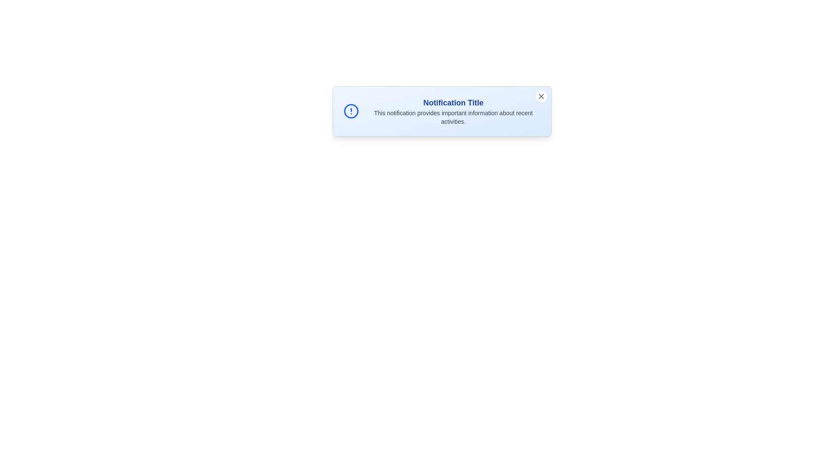 Image resolution: width=821 pixels, height=461 pixels. Describe the element at coordinates (351, 111) in the screenshot. I see `the circular alert icon with a blue stroke and vertical exclamation mark, located adjacent to the title 'Notification Title' in the notification card` at that location.